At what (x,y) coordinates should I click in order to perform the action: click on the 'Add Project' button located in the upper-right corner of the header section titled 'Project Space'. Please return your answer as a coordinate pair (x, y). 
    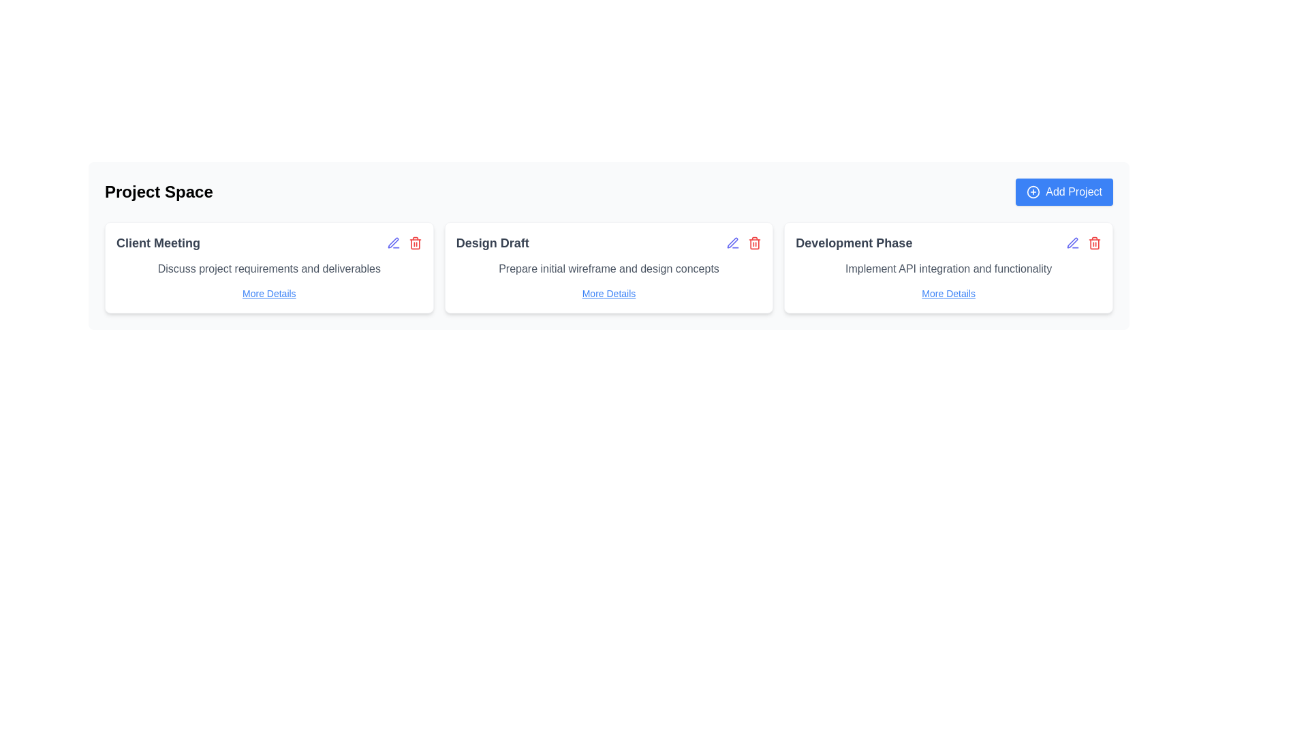
    Looking at the image, I should click on (1063, 191).